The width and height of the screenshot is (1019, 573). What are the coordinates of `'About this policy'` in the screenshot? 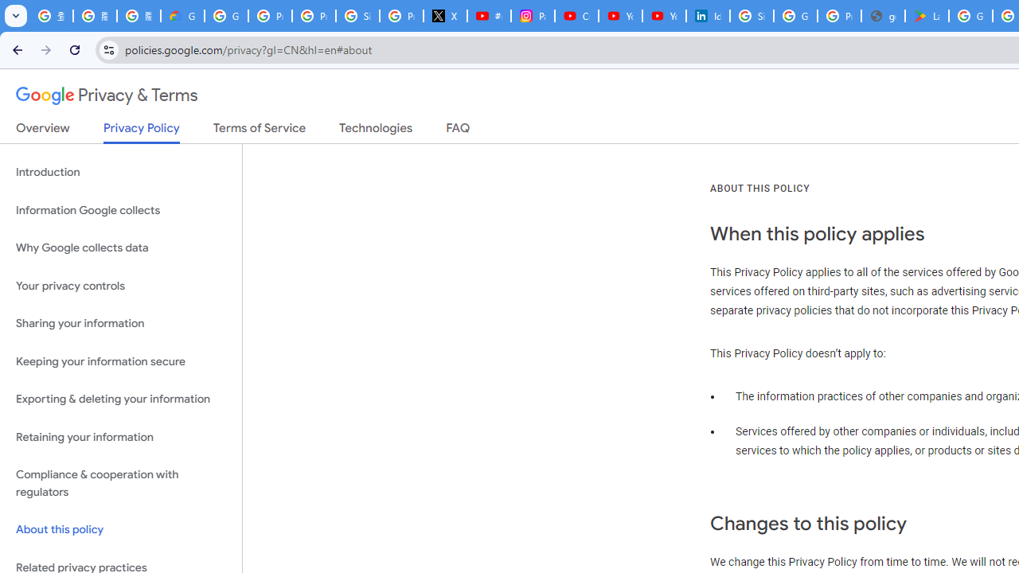 It's located at (120, 530).